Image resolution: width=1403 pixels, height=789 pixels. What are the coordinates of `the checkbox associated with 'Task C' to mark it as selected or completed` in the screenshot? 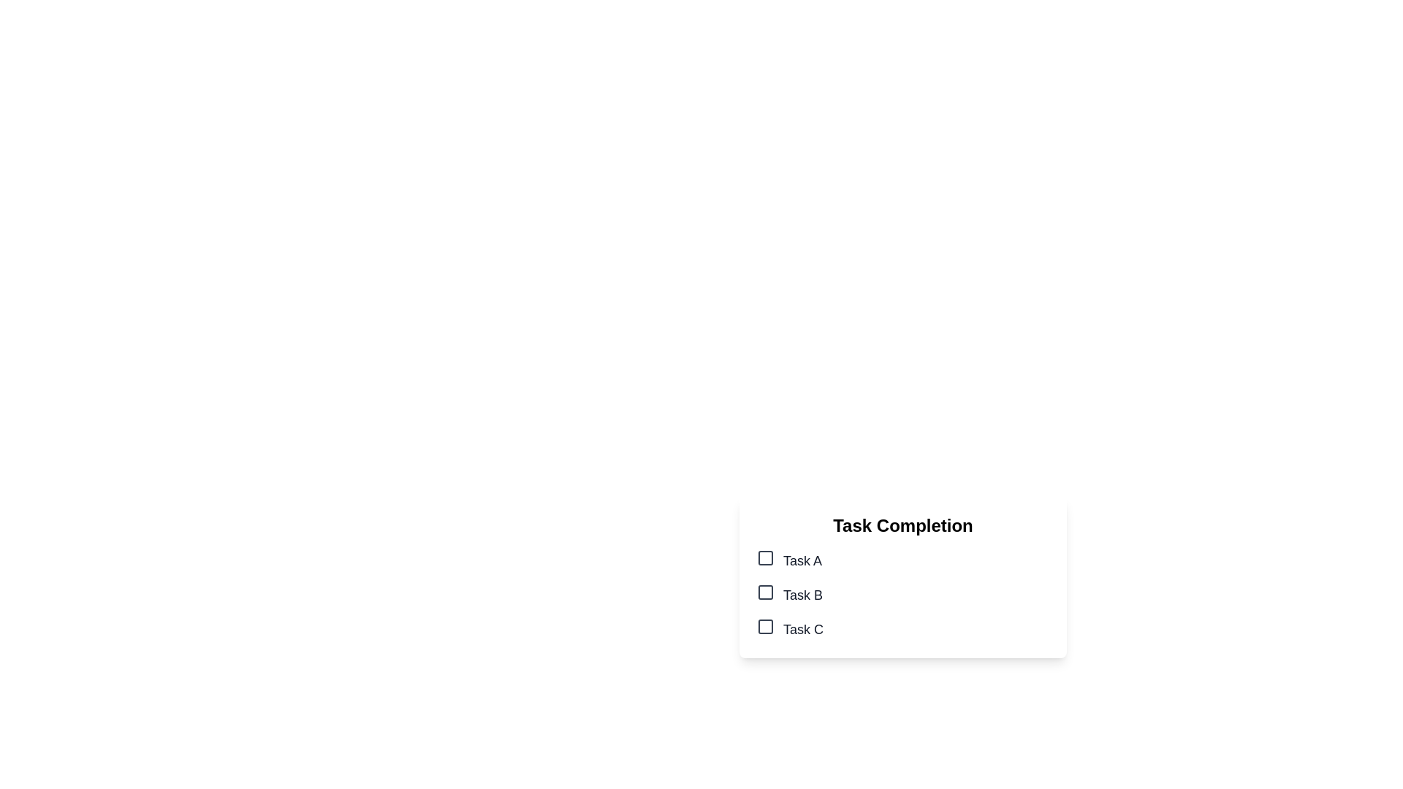 It's located at (764, 628).